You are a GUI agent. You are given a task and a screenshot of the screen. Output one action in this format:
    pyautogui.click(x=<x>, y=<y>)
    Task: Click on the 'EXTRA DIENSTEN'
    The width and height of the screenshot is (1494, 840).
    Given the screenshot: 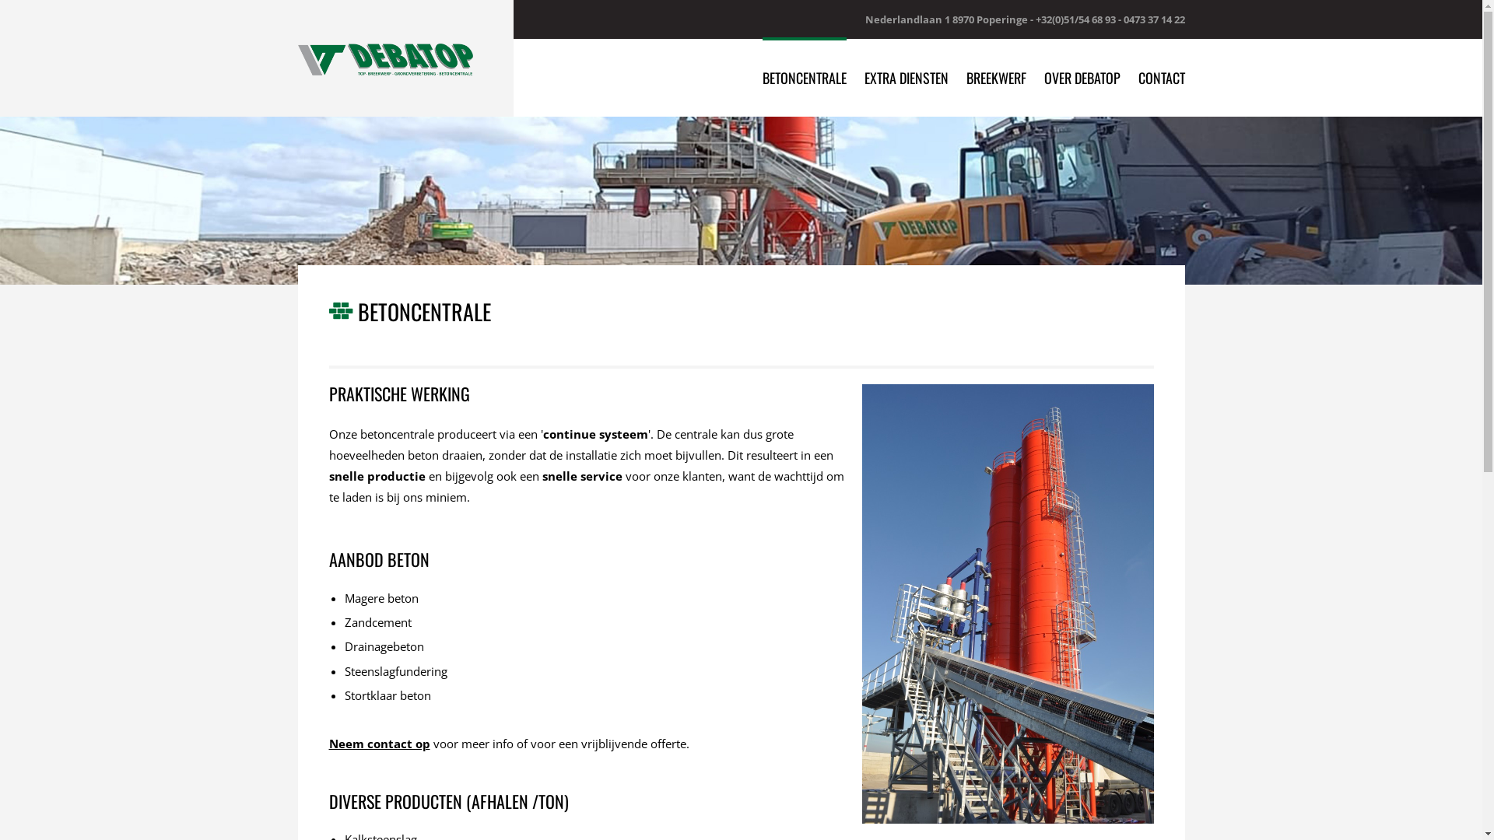 What is the action you would take?
    pyautogui.click(x=905, y=78)
    